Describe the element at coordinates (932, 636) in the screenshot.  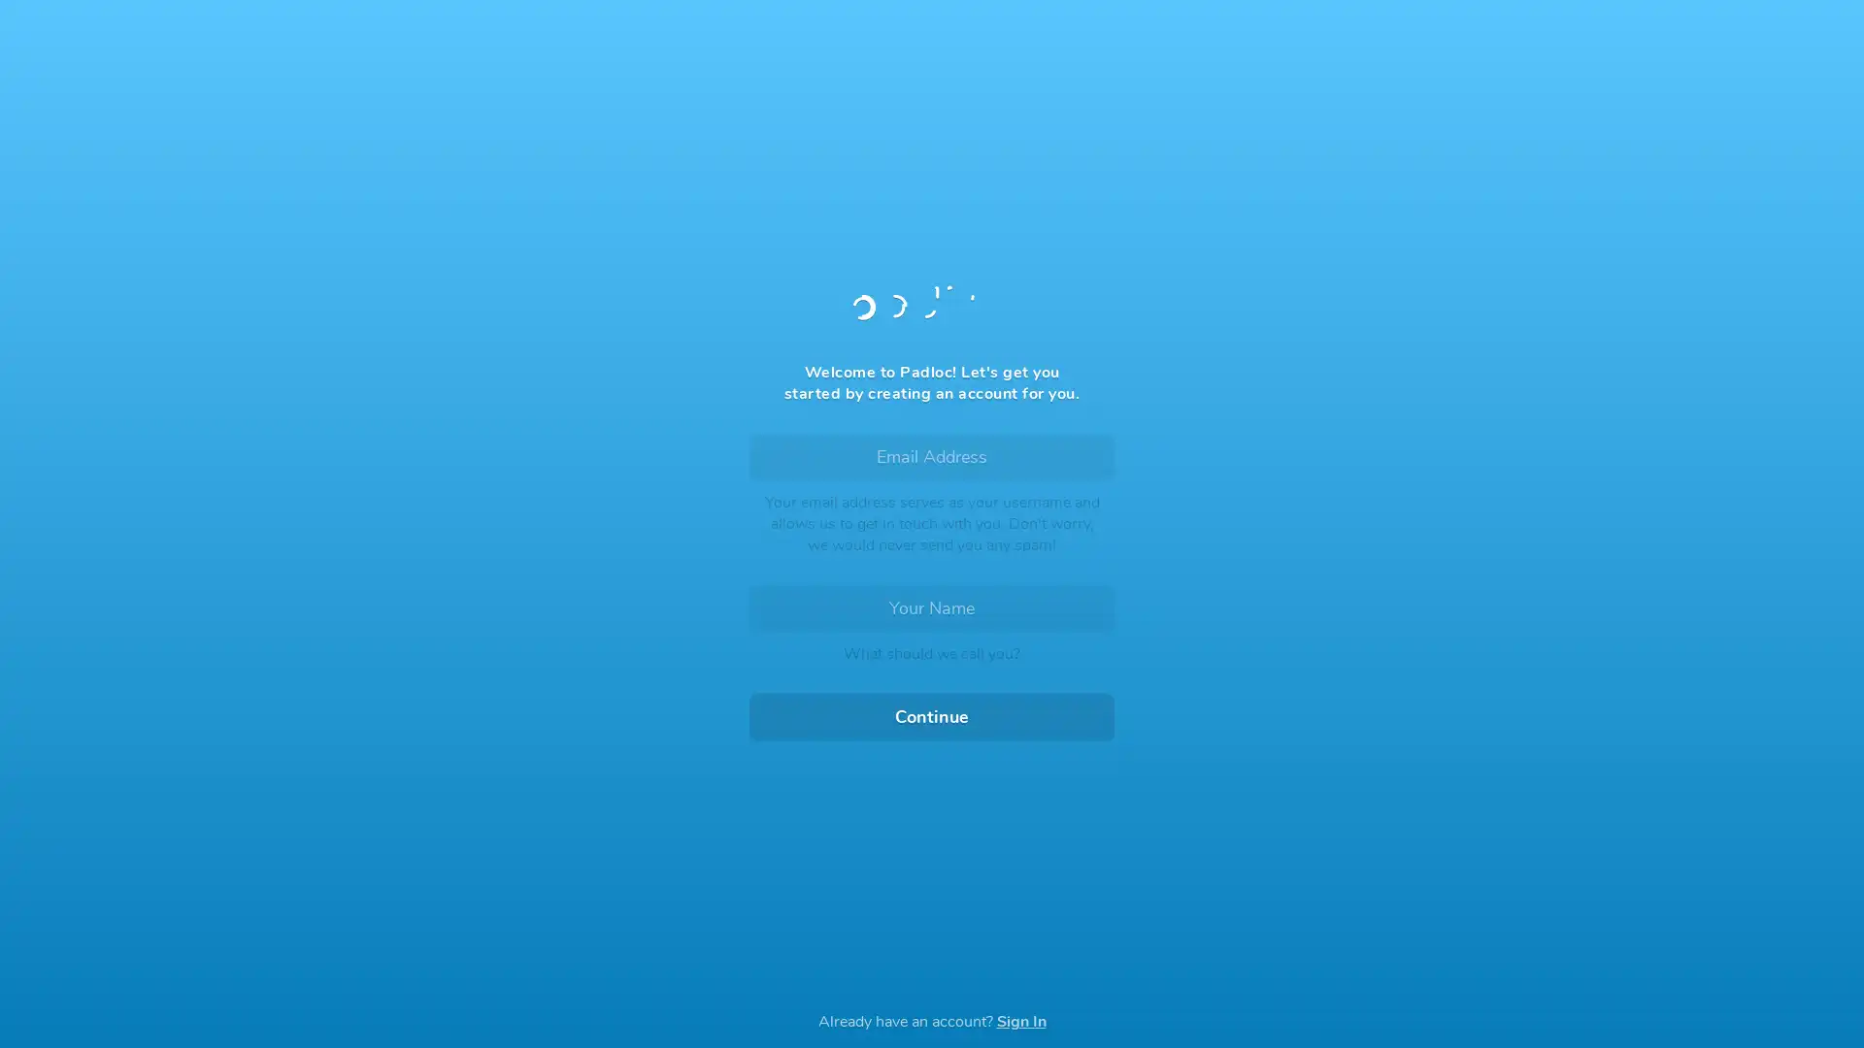
I see `Unlock` at that location.